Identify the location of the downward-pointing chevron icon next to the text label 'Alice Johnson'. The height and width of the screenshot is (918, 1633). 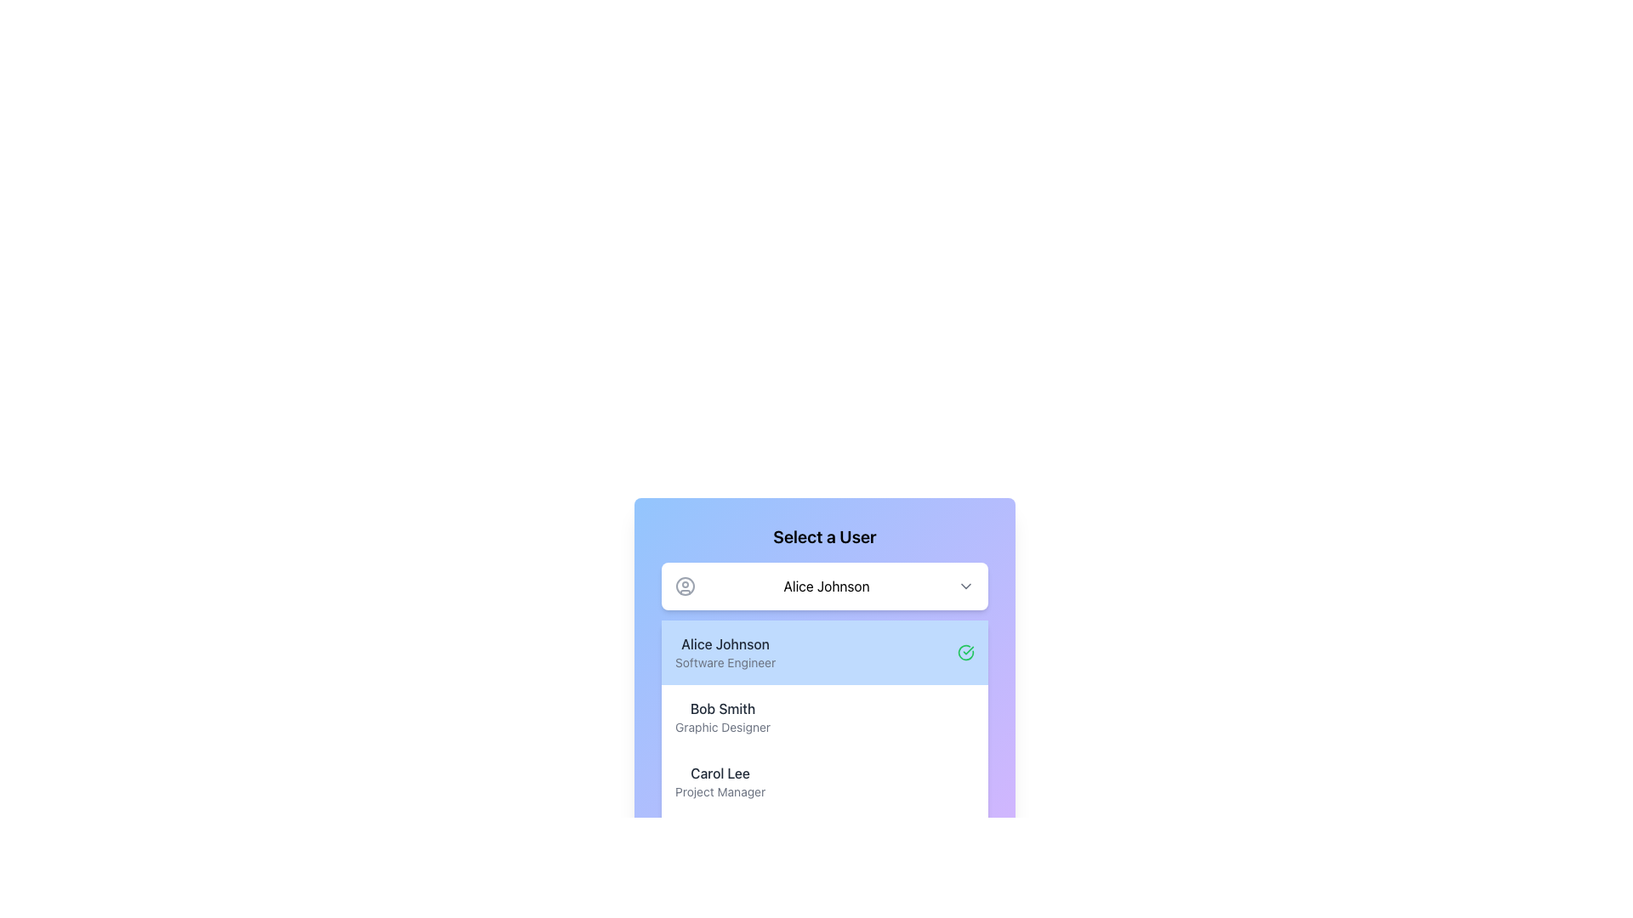
(966, 586).